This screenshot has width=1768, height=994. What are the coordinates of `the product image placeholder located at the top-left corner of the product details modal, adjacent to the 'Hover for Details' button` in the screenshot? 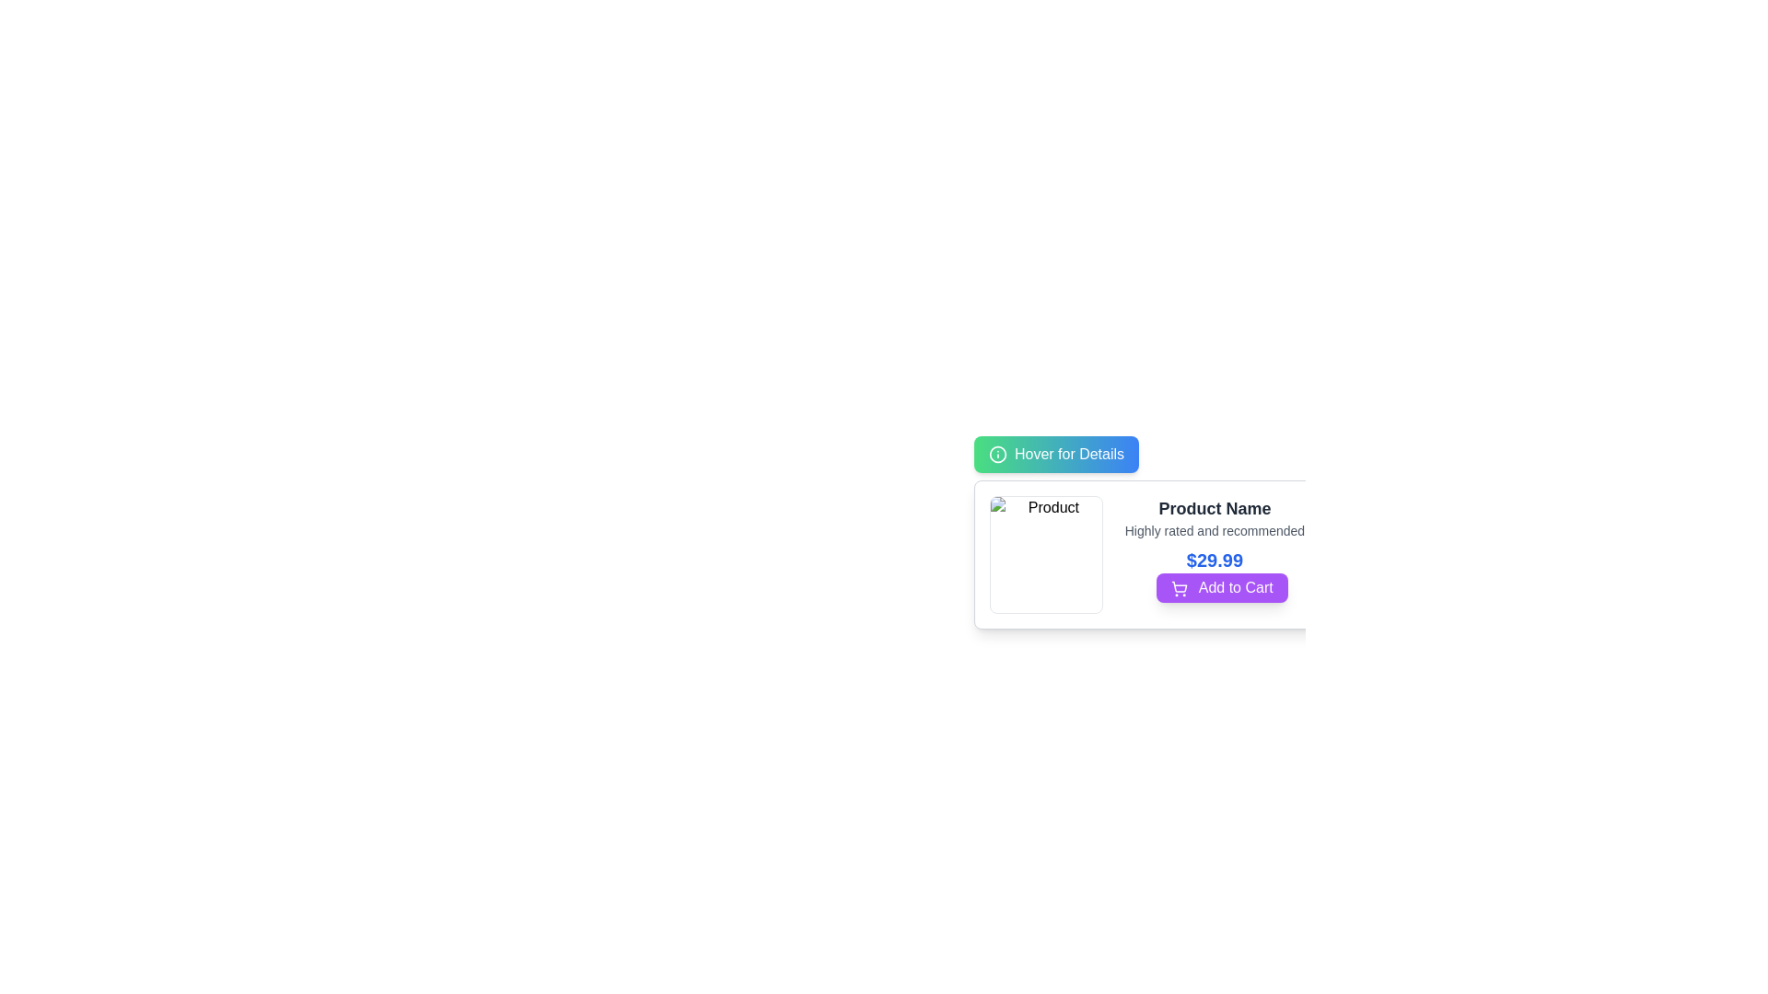 It's located at (1056, 581).